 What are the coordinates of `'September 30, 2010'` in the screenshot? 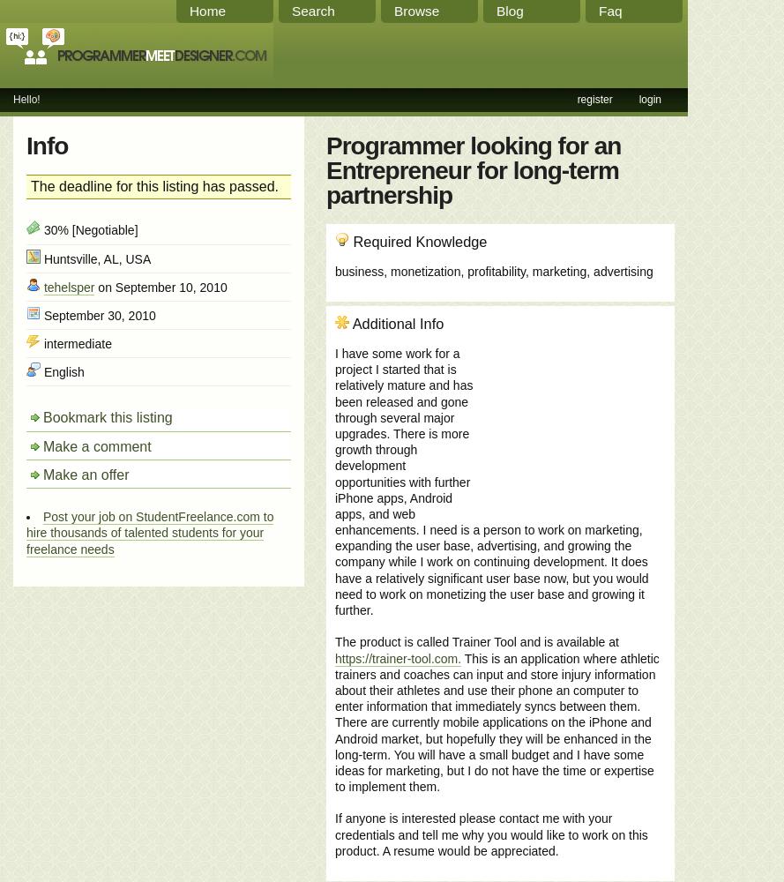 It's located at (40, 314).